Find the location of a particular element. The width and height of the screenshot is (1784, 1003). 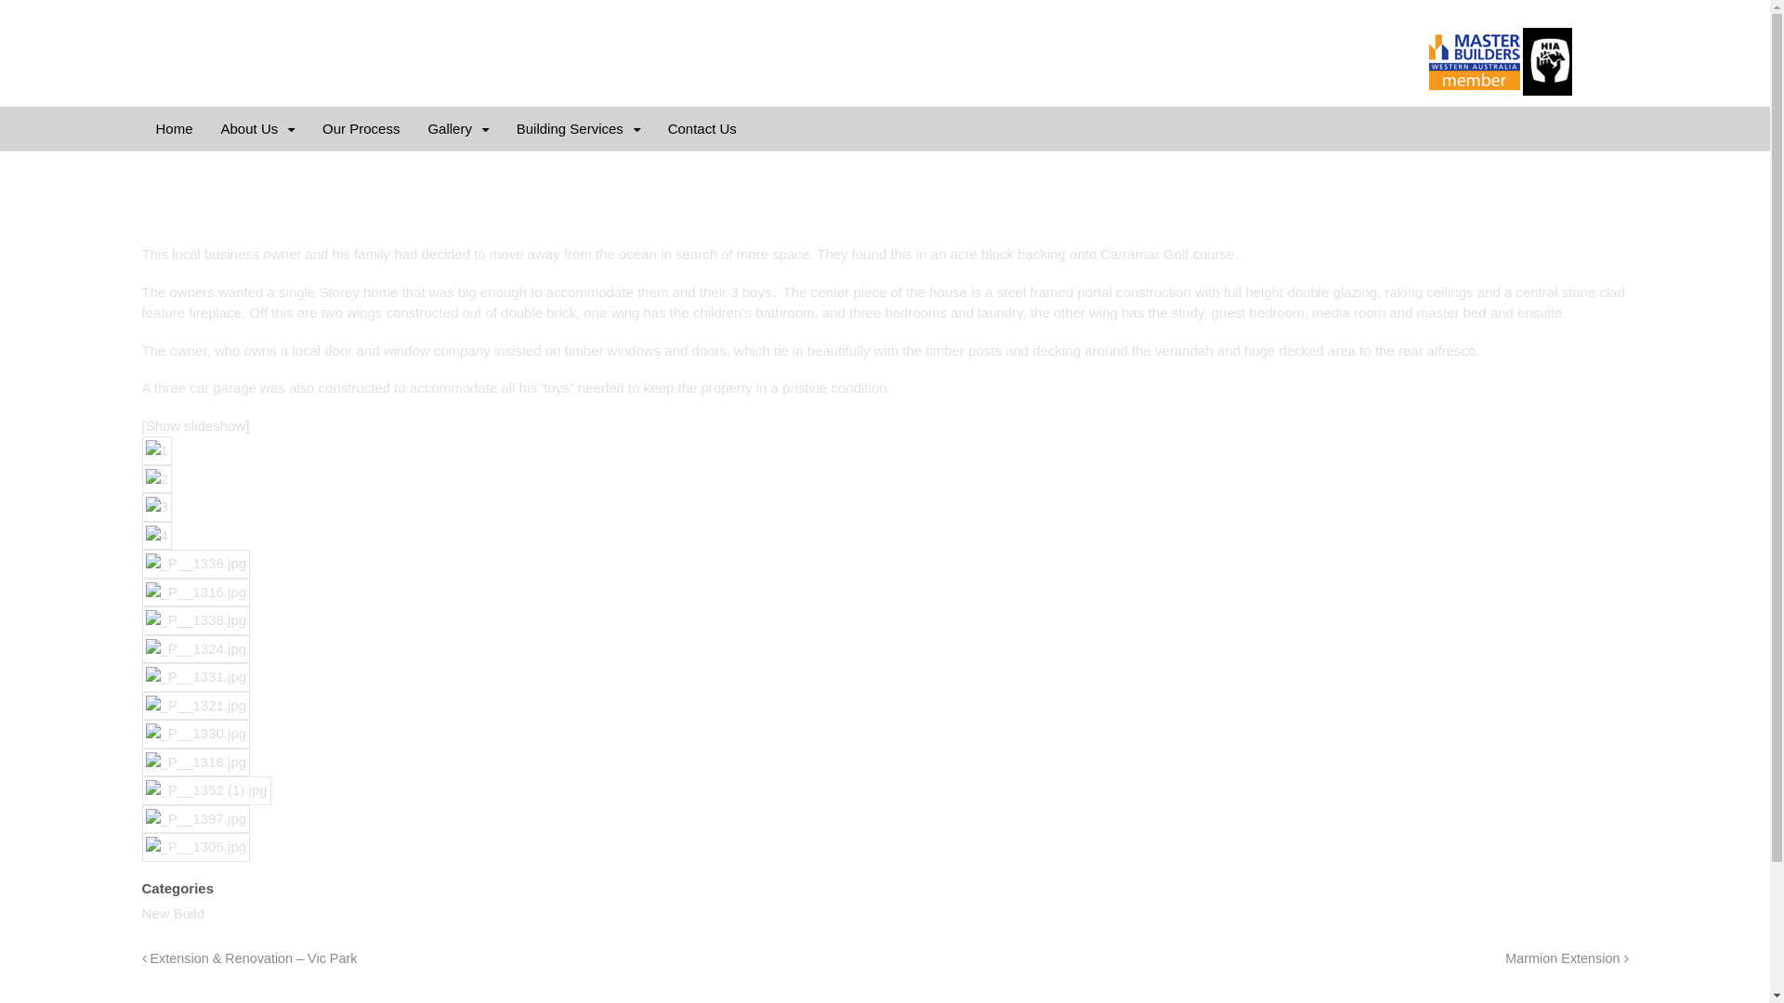

'_P__1318.jpg' is located at coordinates (140, 762).